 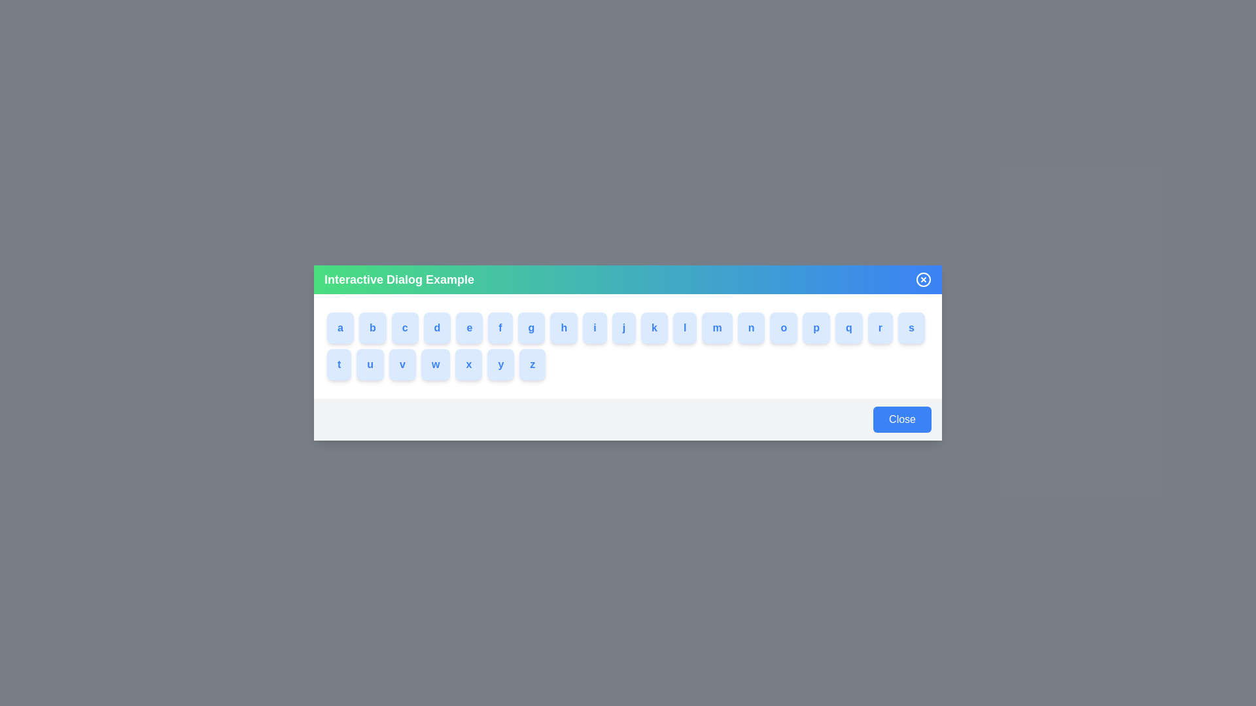 What do you see at coordinates (928, 327) in the screenshot?
I see `the button labeled with s` at bounding box center [928, 327].